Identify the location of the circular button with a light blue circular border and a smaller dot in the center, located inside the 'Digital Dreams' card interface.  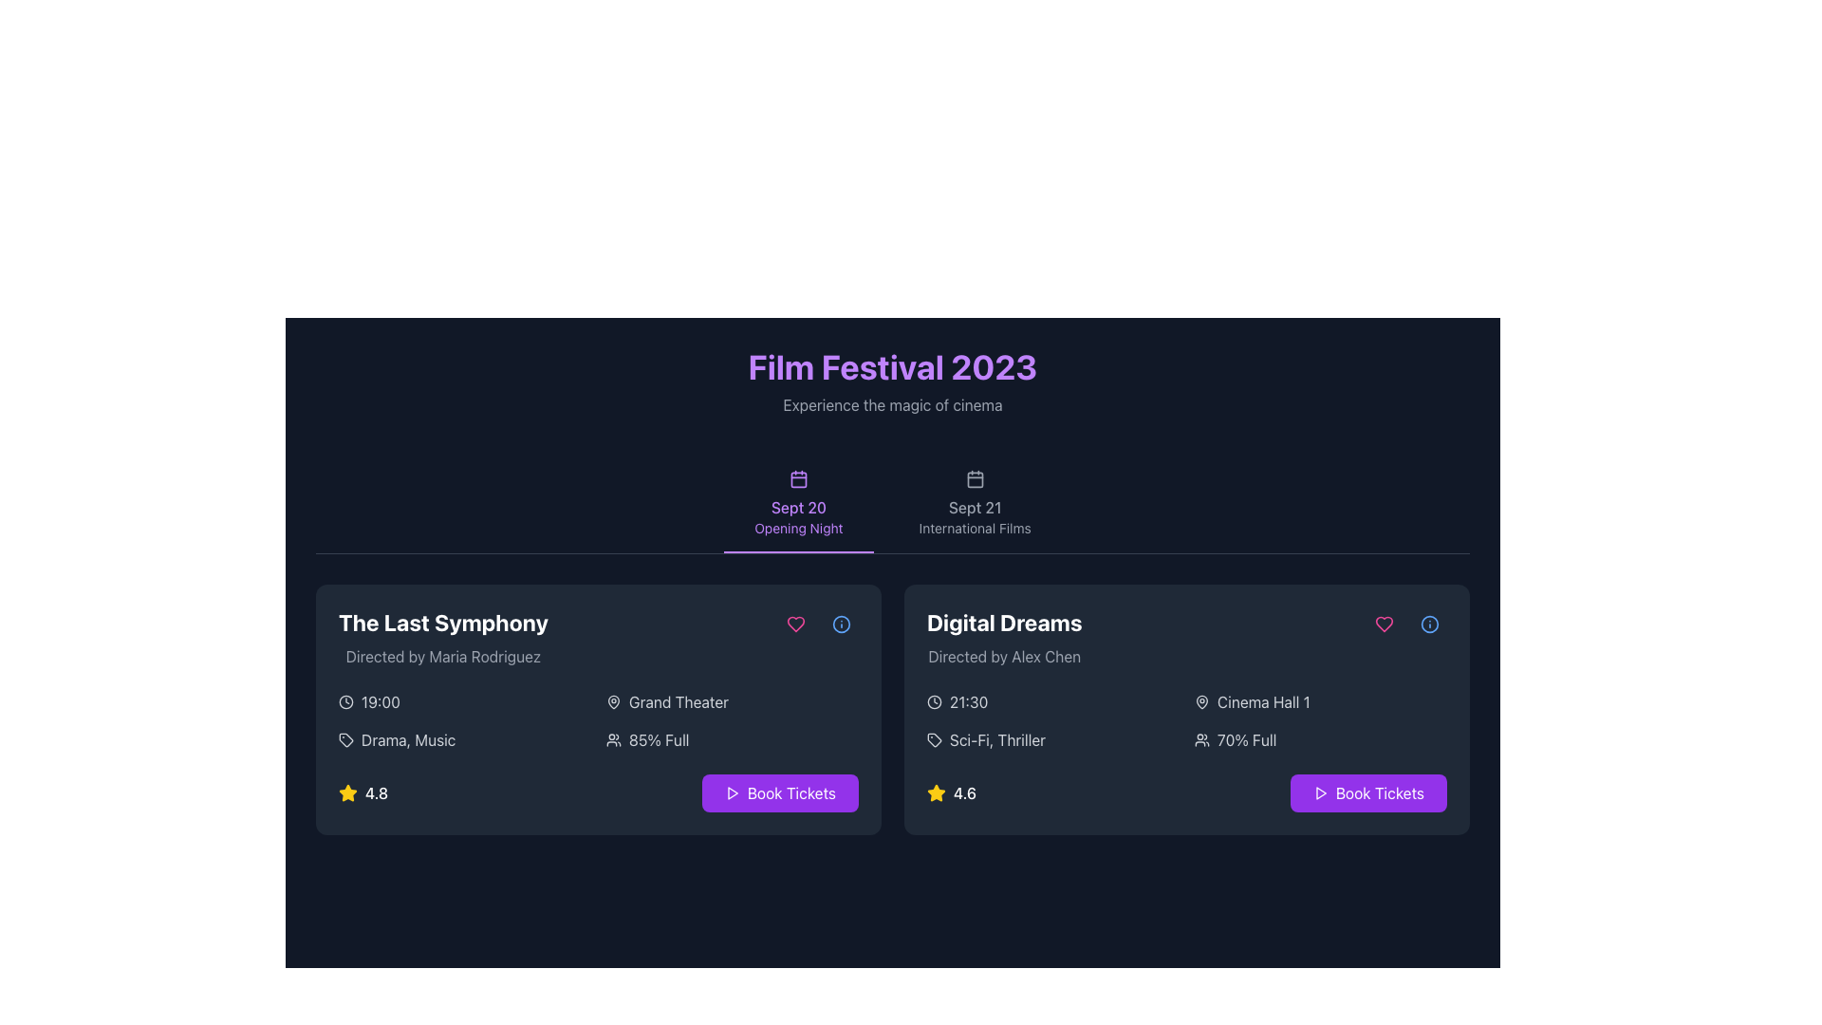
(1430, 624).